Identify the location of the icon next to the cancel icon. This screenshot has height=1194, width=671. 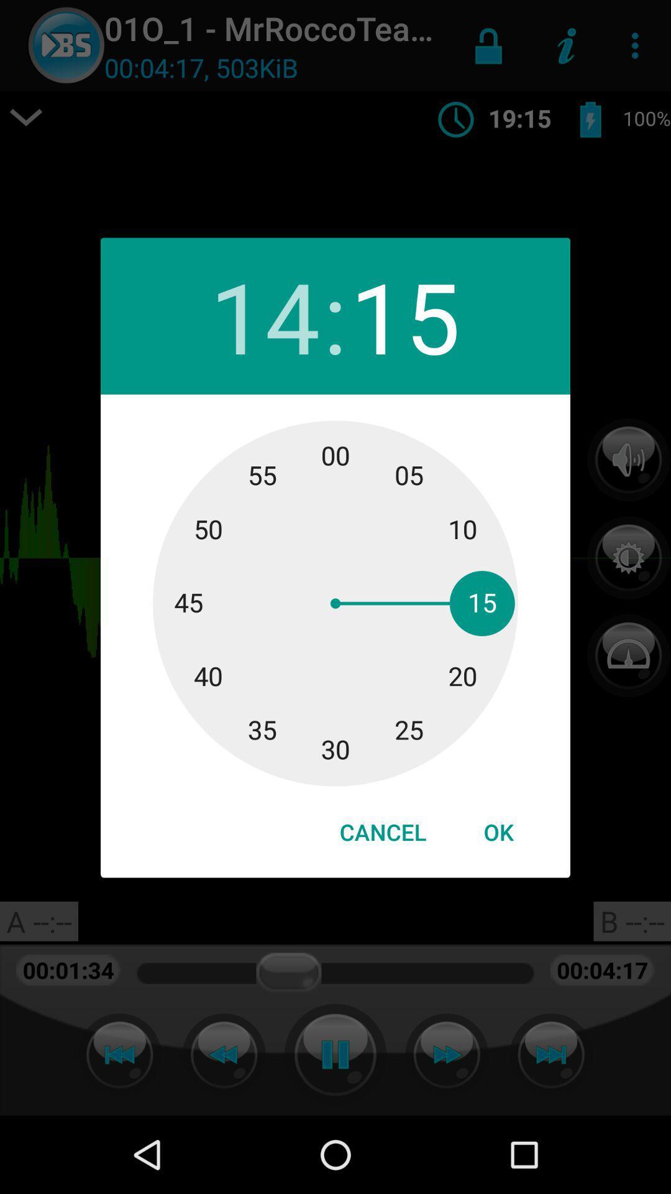
(498, 832).